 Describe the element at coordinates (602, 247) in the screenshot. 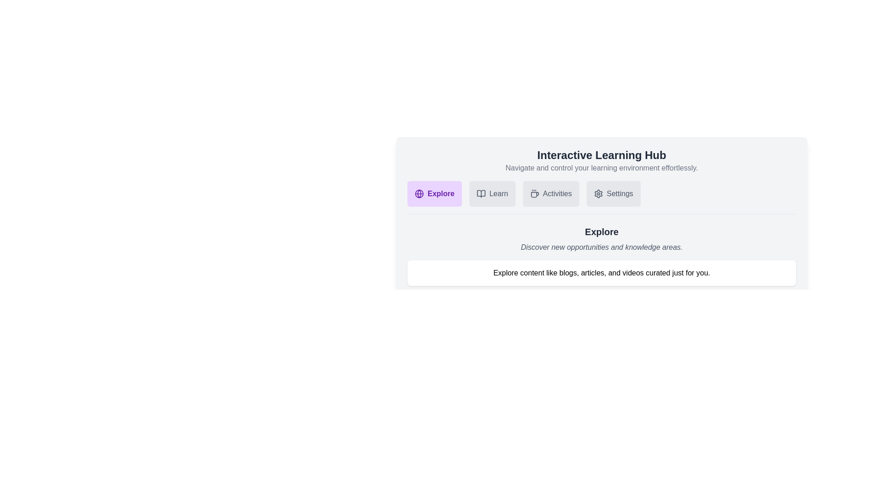

I see `the text block styled with gray italic font that is positioned beneath the heading labeled 'Explore'` at that location.